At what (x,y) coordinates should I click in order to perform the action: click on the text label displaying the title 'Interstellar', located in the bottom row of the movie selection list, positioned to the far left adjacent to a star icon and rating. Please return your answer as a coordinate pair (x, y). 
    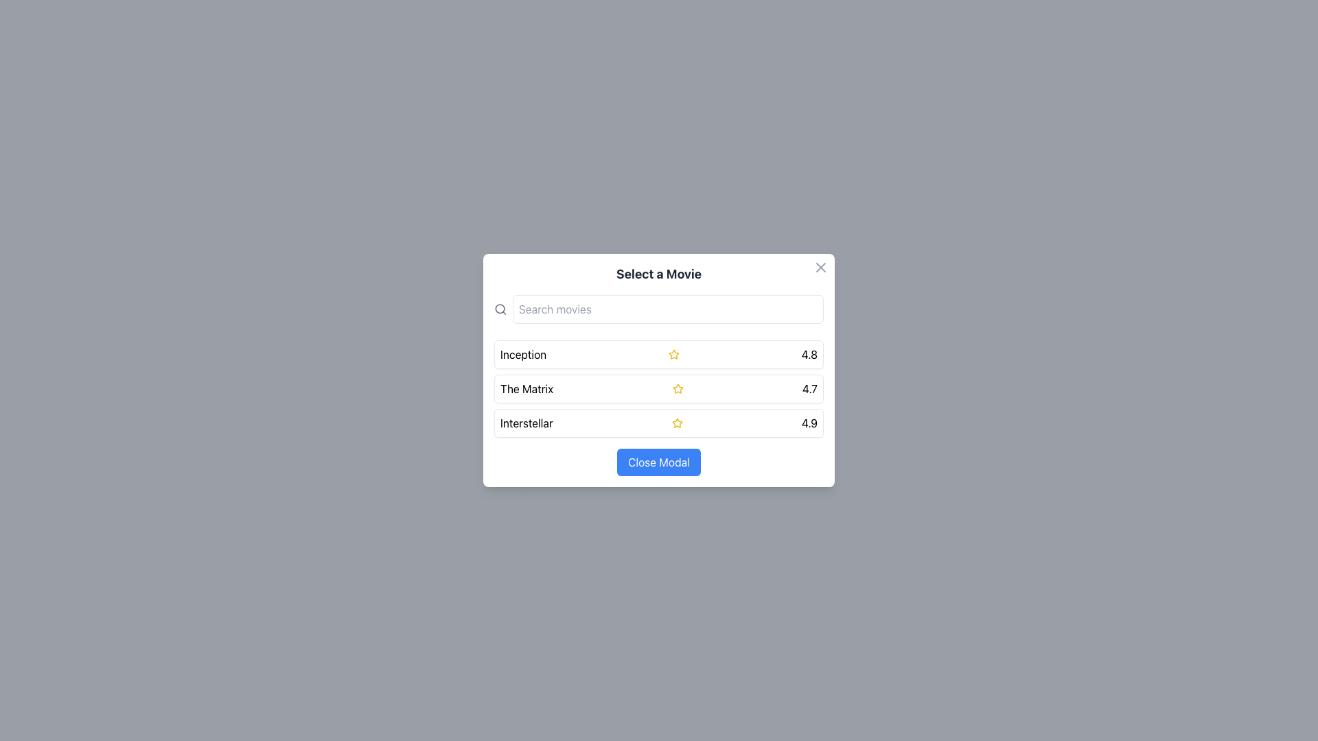
    Looking at the image, I should click on (526, 423).